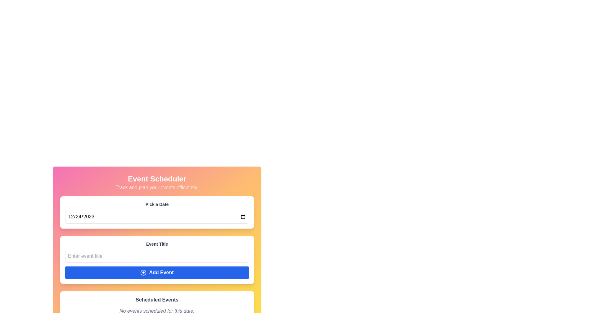 The height and width of the screenshot is (335, 596). Describe the element at coordinates (157, 311) in the screenshot. I see `text segment that displays 'No events scheduled for this date.' located in the 'Scheduled Events' section, which is centered horizontally below the heading` at that location.